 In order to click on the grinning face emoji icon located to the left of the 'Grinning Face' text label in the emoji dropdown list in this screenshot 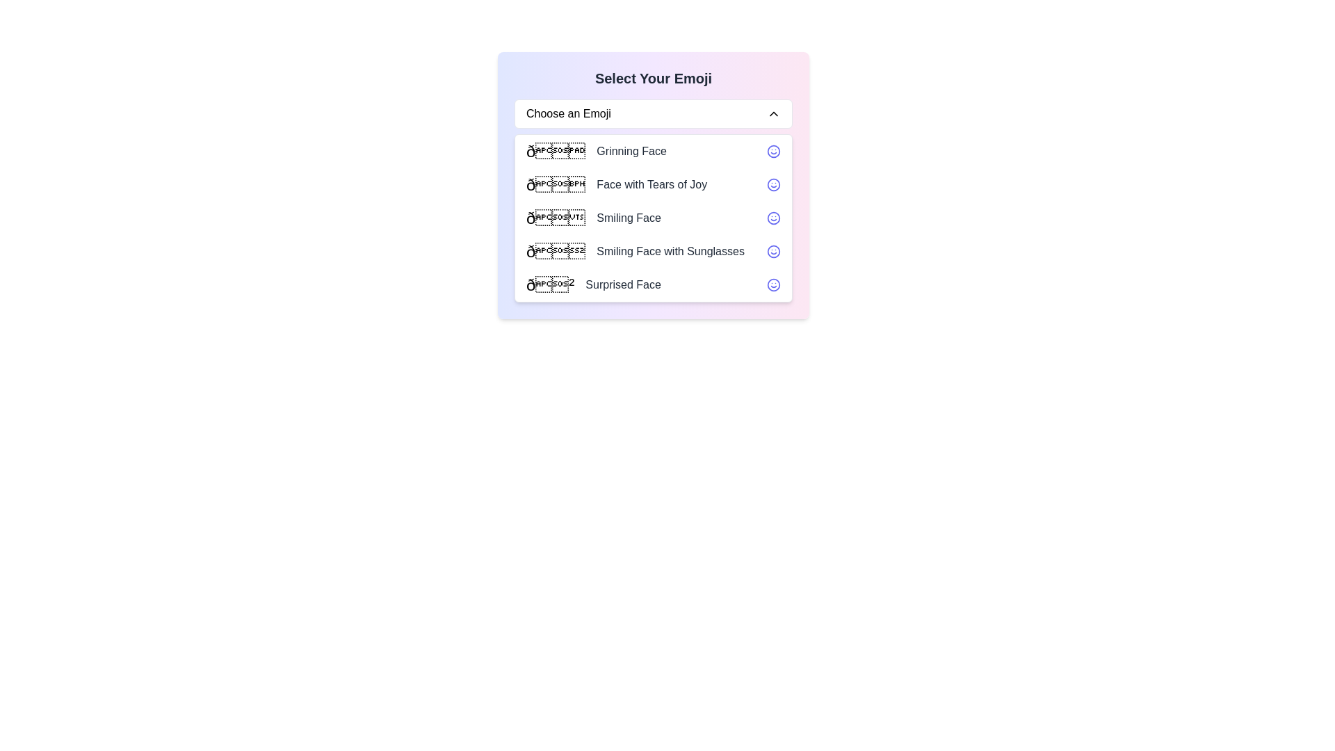, I will do `click(555, 152)`.